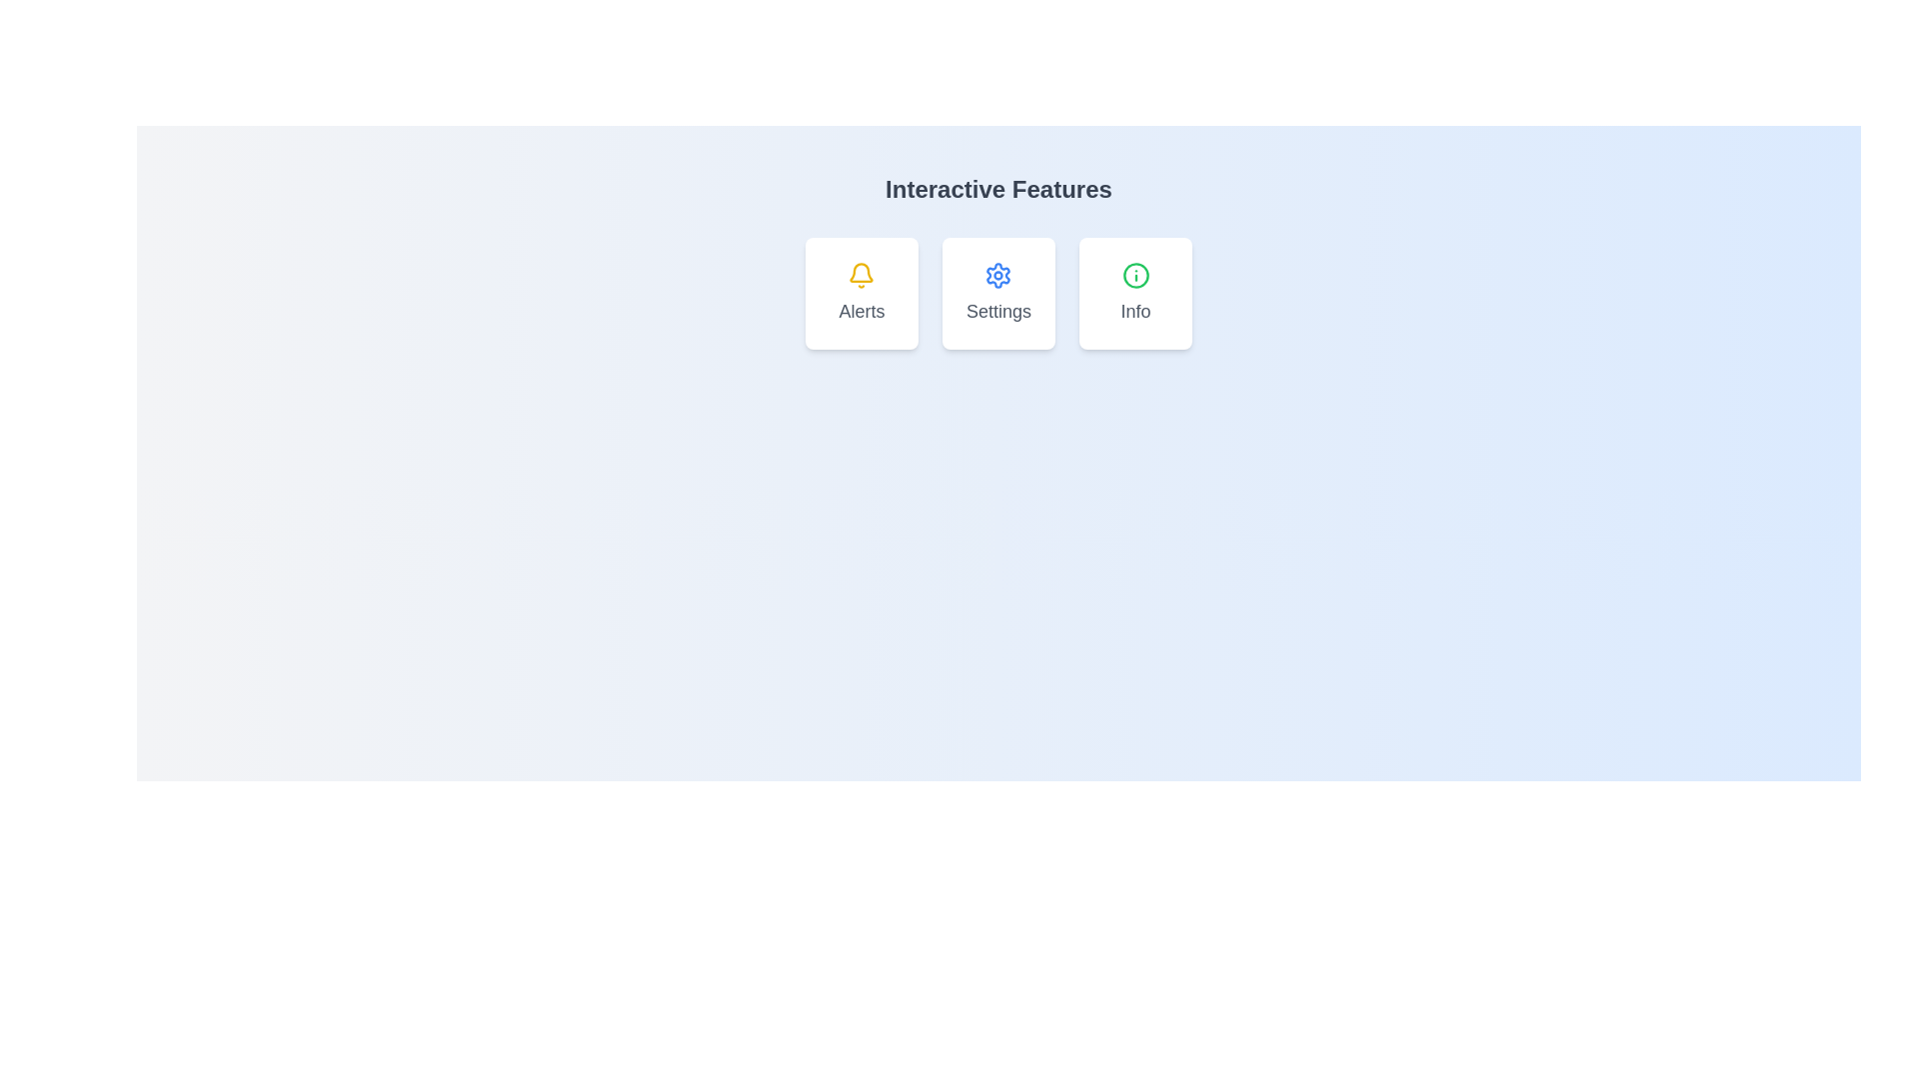  Describe the element at coordinates (862, 293) in the screenshot. I see `the leftmost card in the grid layout, which has a white background, rounded corners, a yellow bell icon at the top, and the label 'Alerts' in gray text below the icon` at that location.